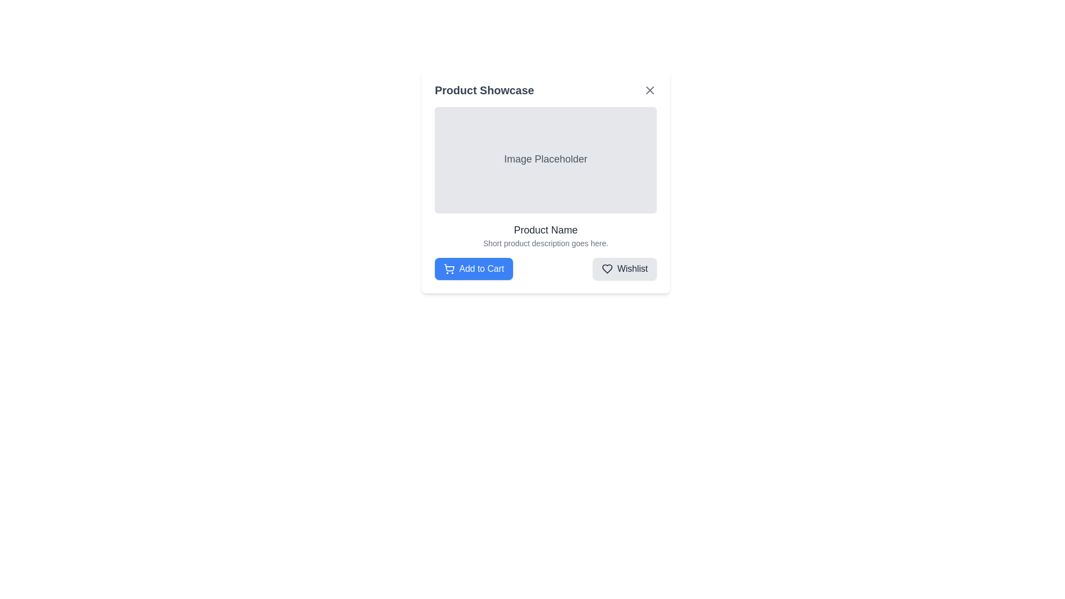 This screenshot has width=1065, height=599. I want to click on the shopping cart icon, which is an outlined SVG illustration located on the left side of the 'Add to Cart' button, so click(449, 267).